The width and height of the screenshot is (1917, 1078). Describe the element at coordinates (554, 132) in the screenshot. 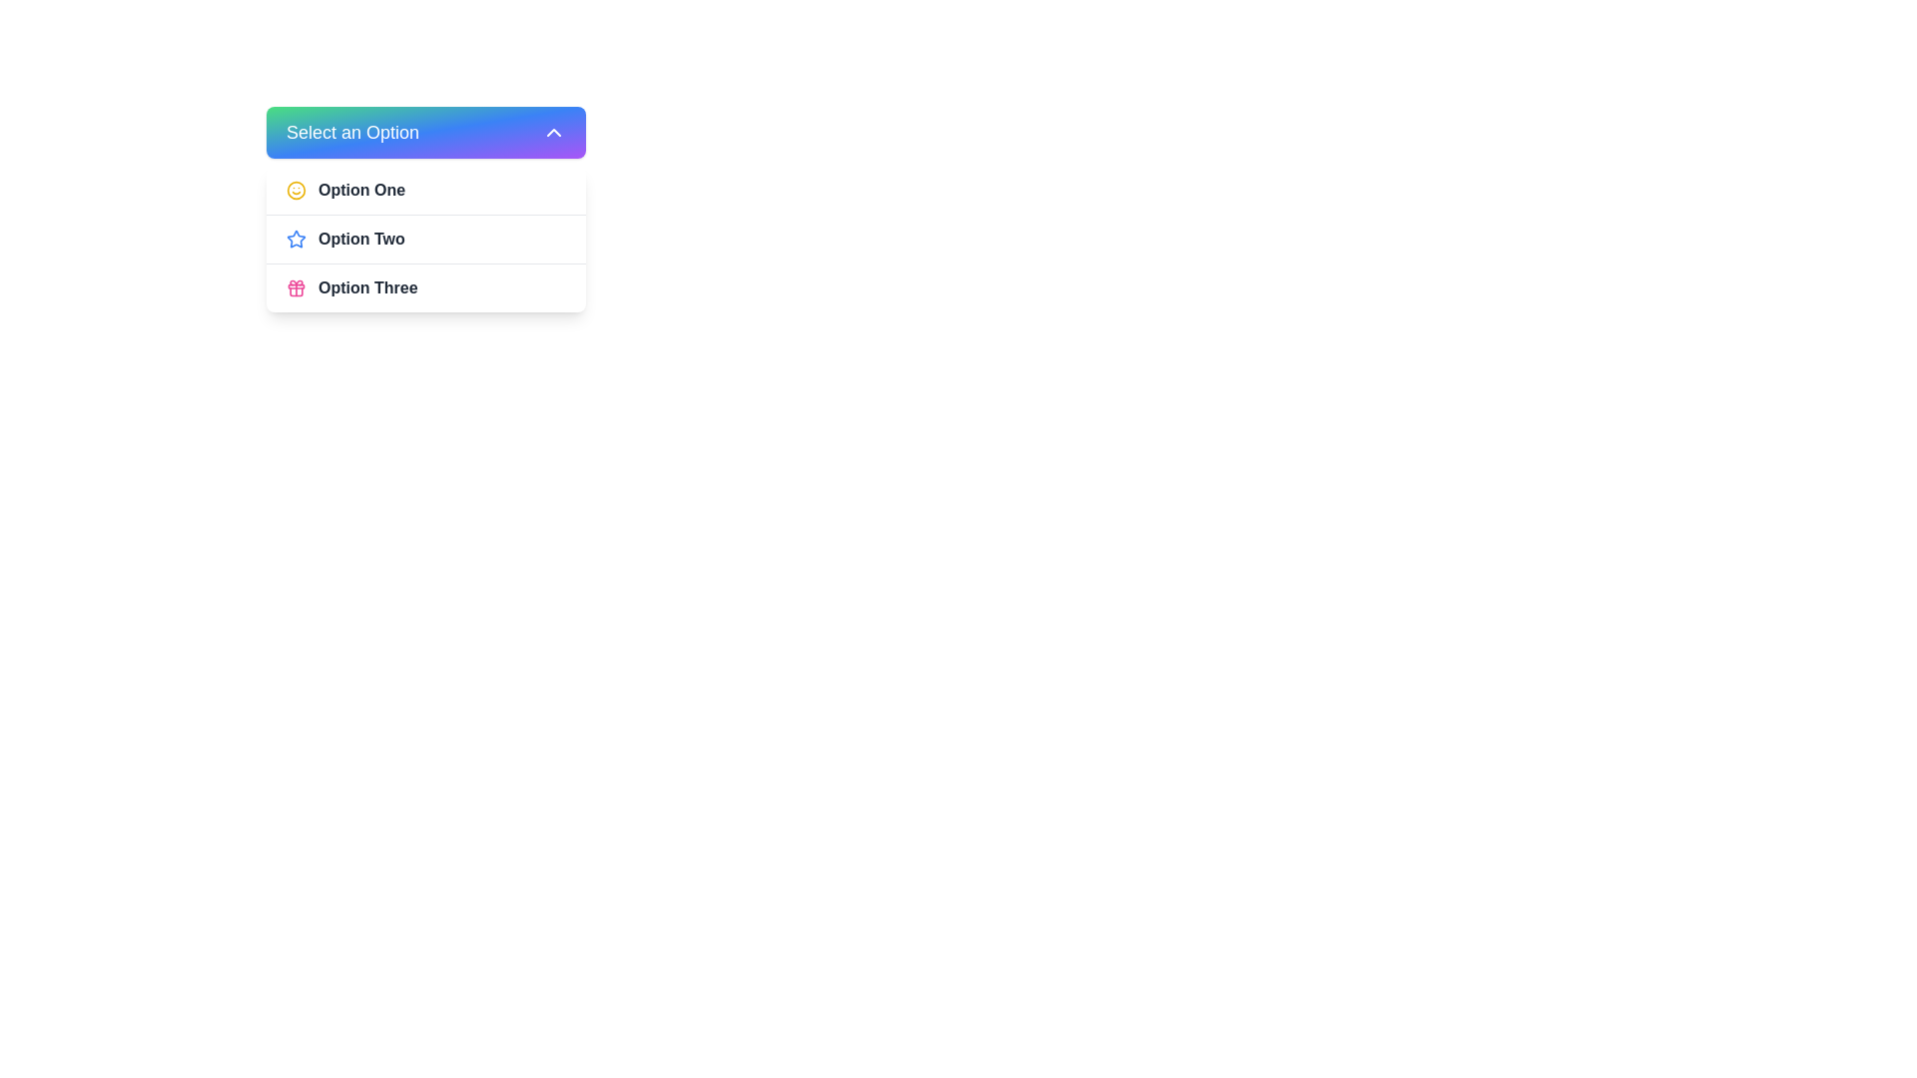

I see `the chevron-shaped upward arrow icon located in the top-right corner of the 'Select an Option' button` at that location.